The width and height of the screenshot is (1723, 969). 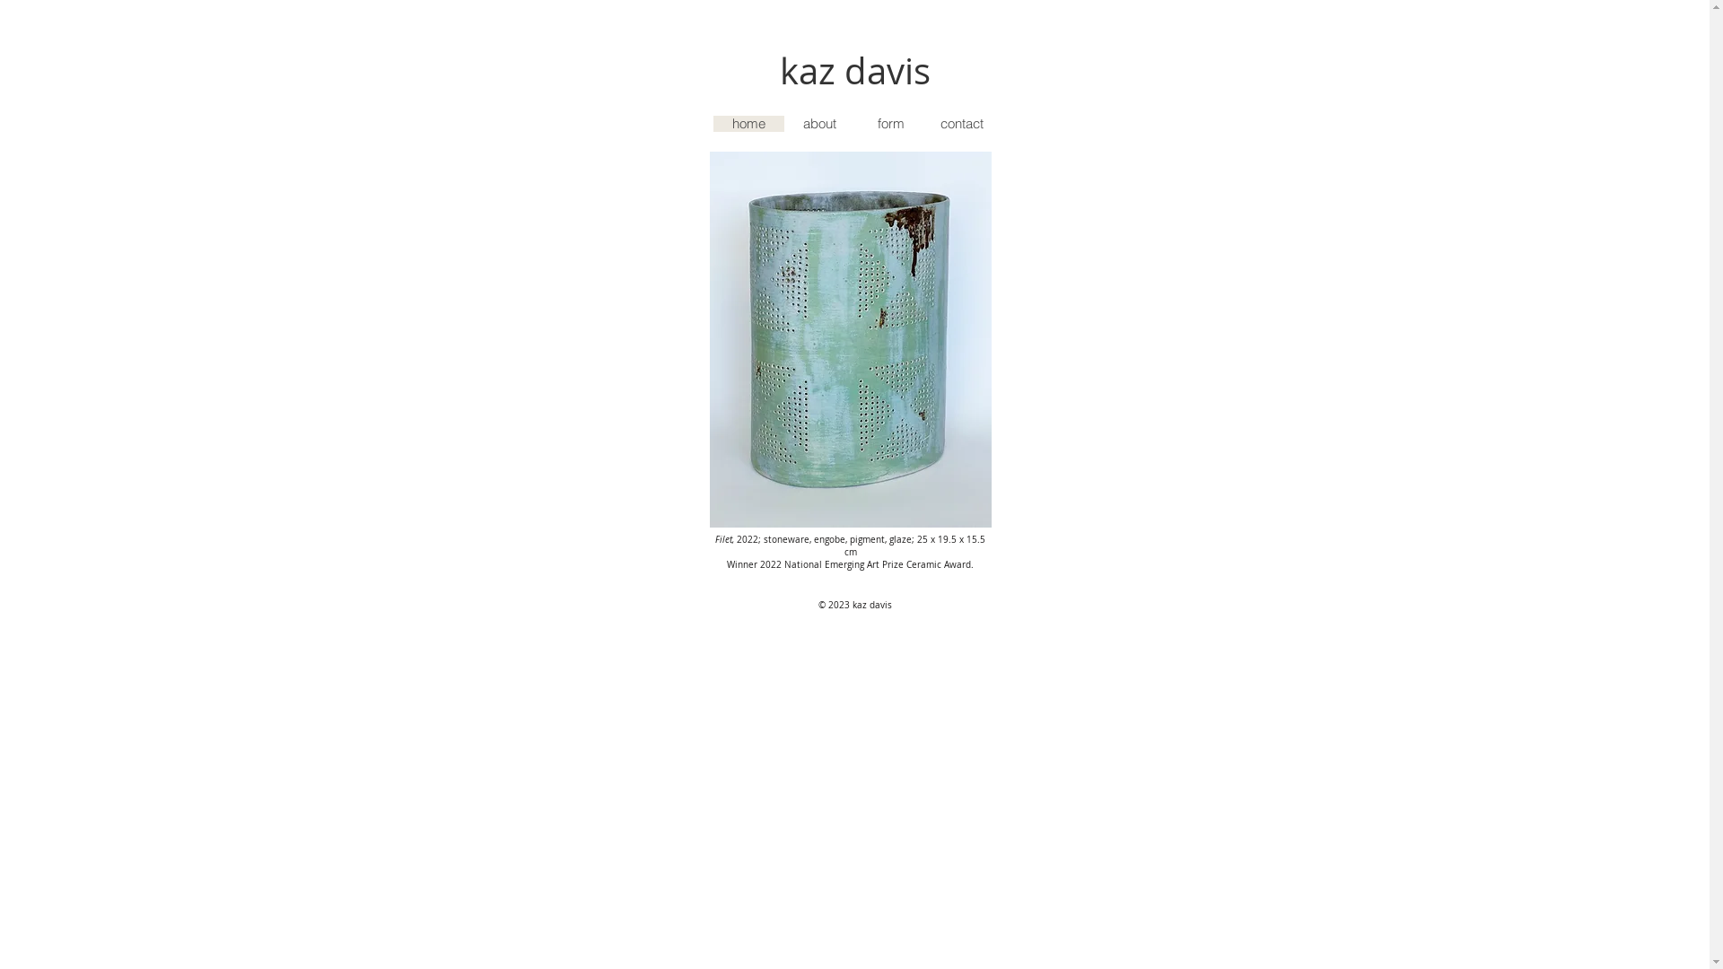 I want to click on 'form', so click(x=889, y=123).